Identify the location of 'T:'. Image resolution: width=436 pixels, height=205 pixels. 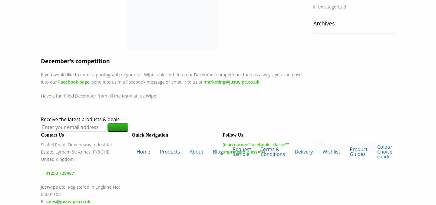
(41, 173).